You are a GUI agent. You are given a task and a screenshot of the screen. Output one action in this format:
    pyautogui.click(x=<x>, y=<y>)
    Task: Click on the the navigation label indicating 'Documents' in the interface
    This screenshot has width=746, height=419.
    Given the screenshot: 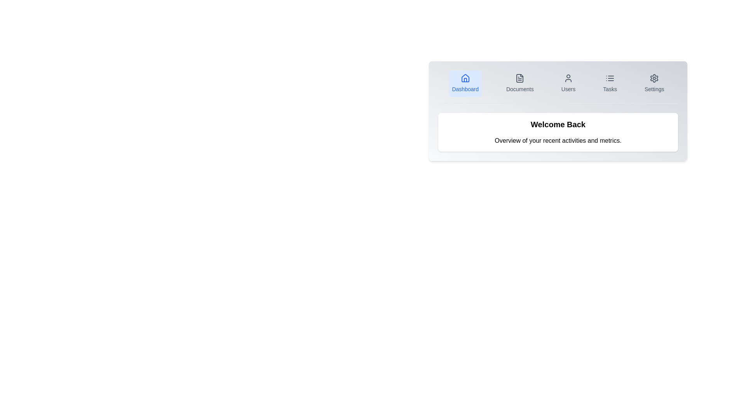 What is the action you would take?
    pyautogui.click(x=520, y=89)
    